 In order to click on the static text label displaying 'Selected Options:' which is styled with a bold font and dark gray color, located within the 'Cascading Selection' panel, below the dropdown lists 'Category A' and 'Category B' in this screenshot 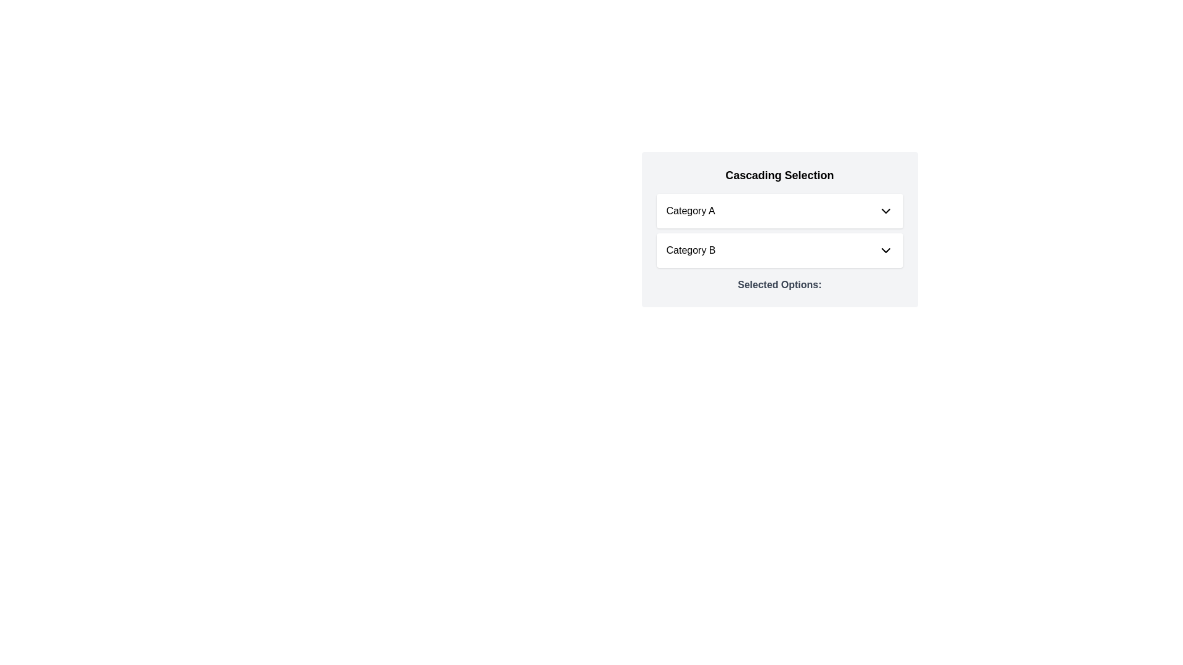, I will do `click(779, 284)`.